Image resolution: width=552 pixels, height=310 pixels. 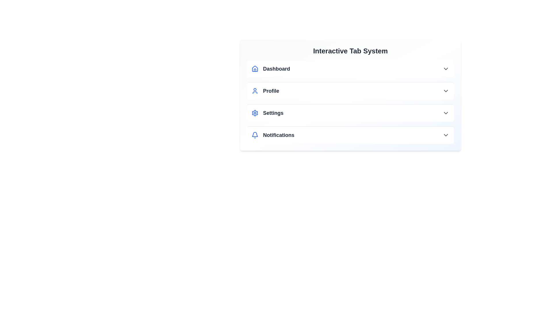 What do you see at coordinates (445, 135) in the screenshot?
I see `the downward-facing chevron icon located at the far right of the 'Notifications' row` at bounding box center [445, 135].